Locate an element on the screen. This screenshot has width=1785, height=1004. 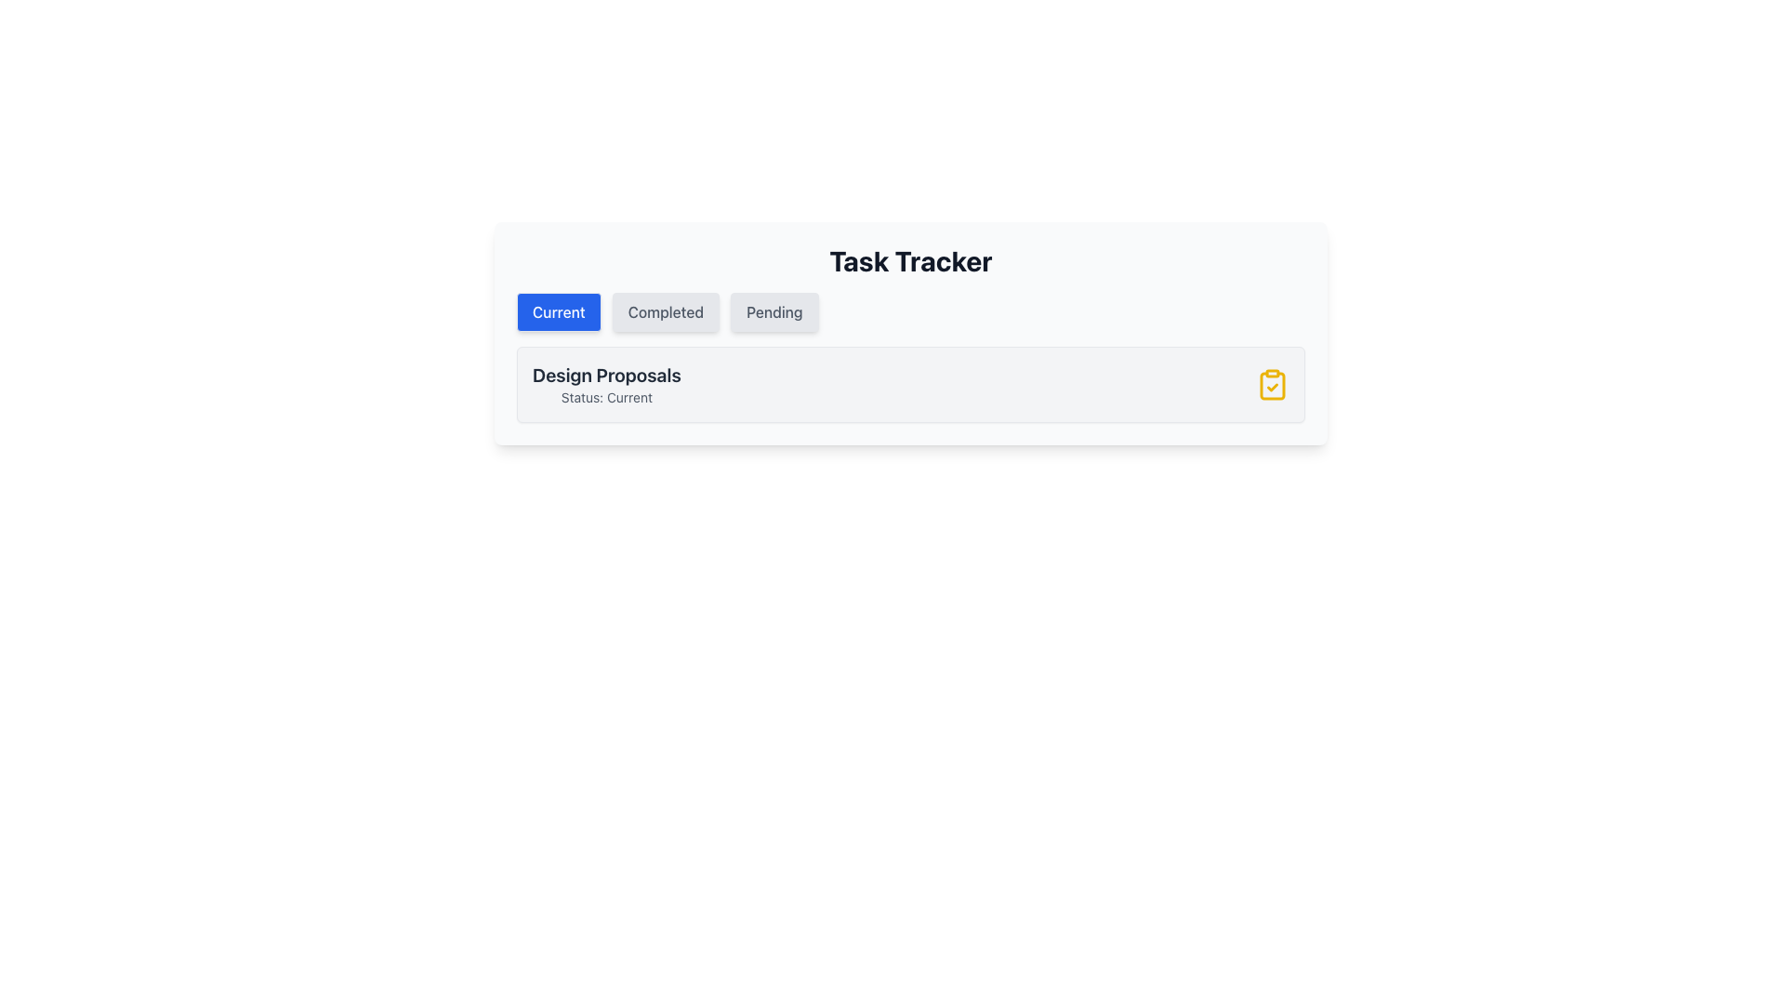
the 'Current' button located at the top-left corner of the button group in the 'Task Tracker' interface is located at coordinates (557, 310).